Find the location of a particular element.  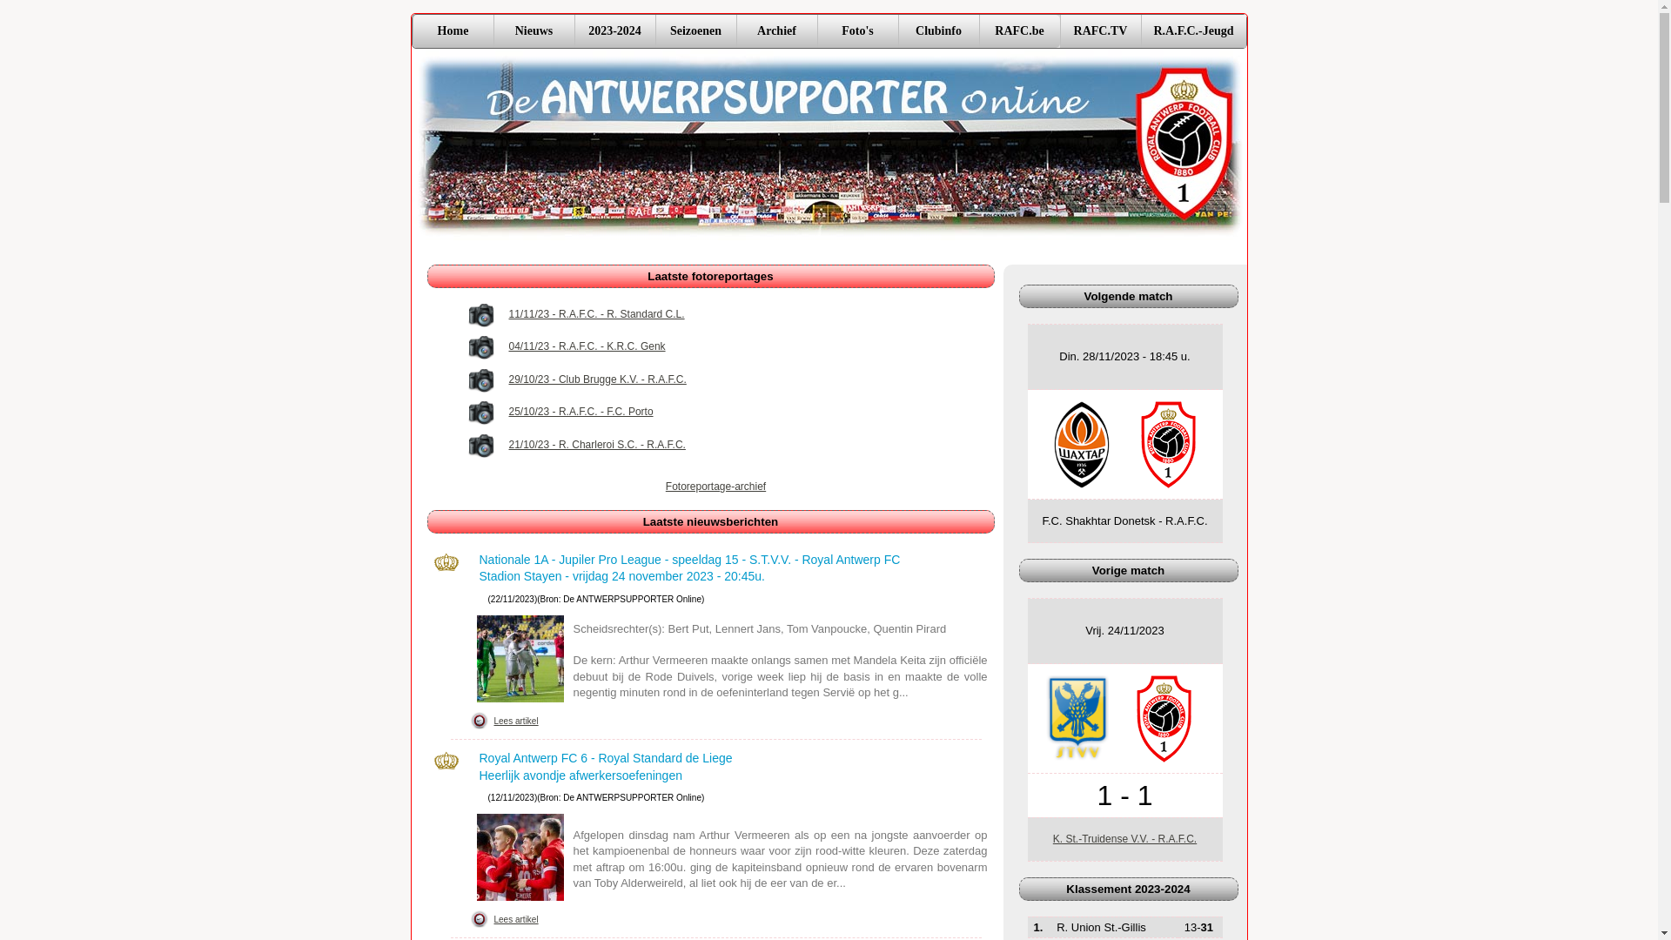

'RAFC.be' is located at coordinates (1018, 30).